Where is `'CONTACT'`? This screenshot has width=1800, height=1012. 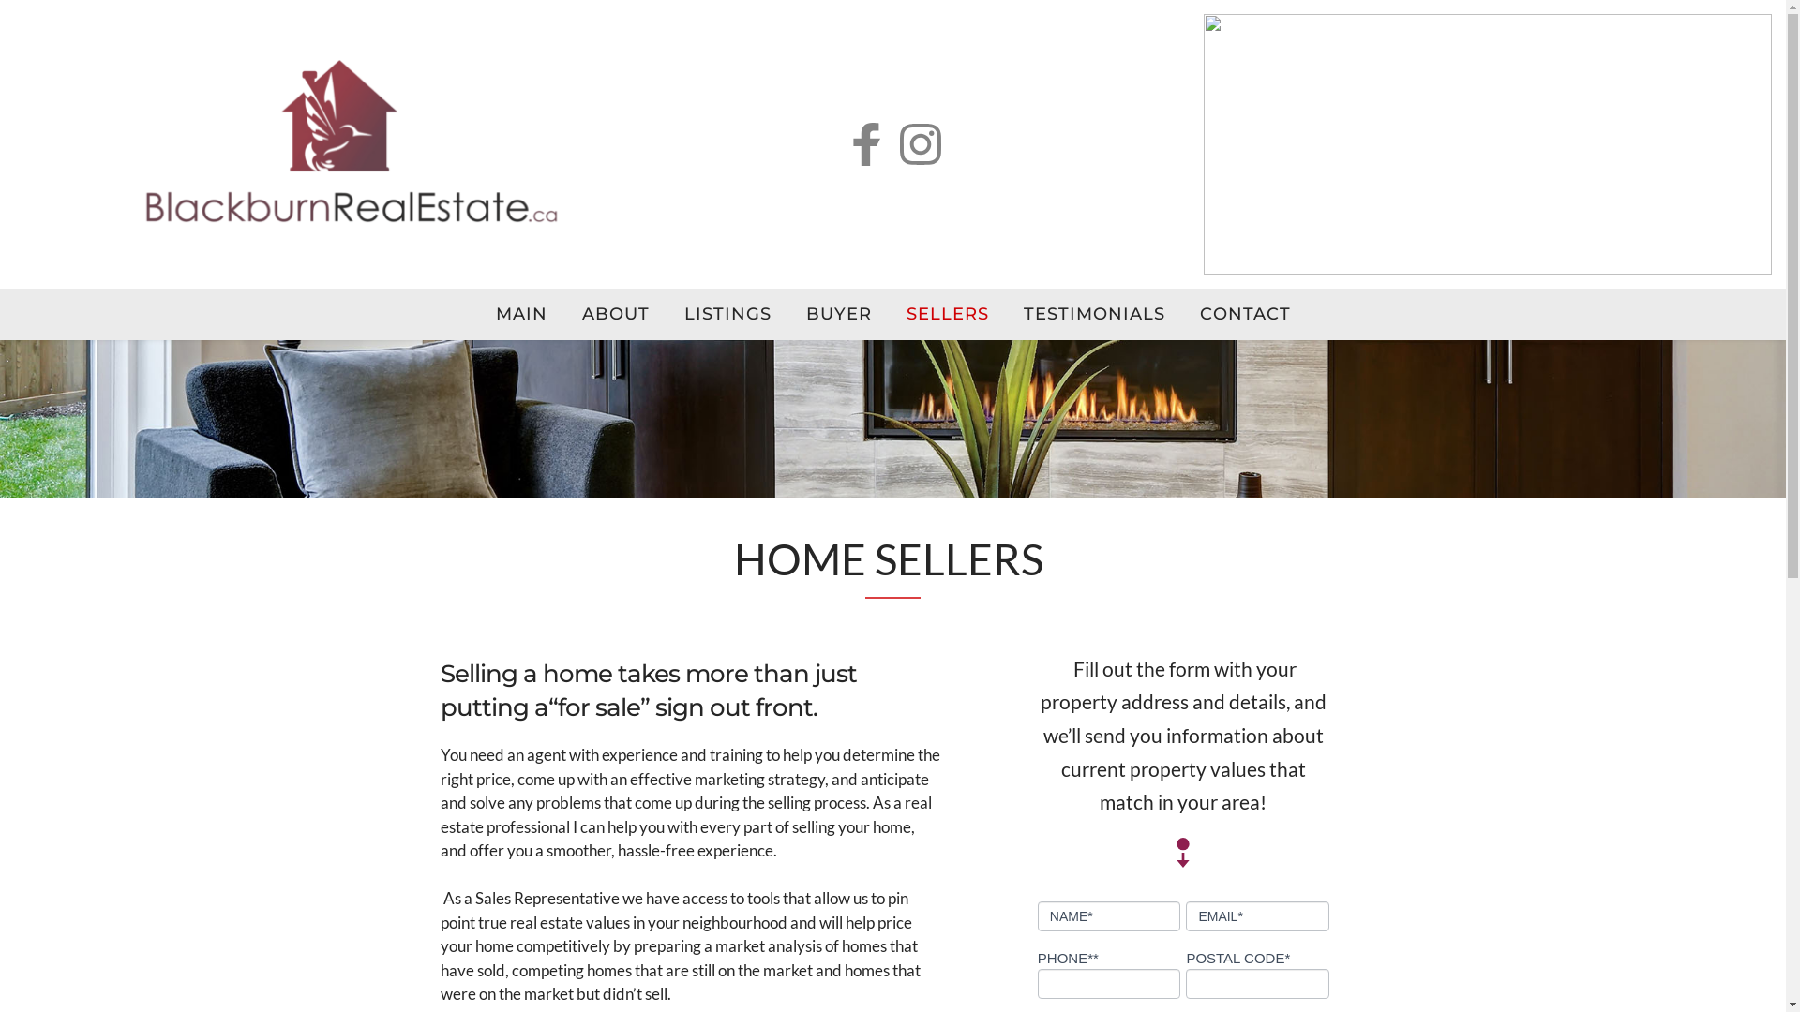 'CONTACT' is located at coordinates (1192, 313).